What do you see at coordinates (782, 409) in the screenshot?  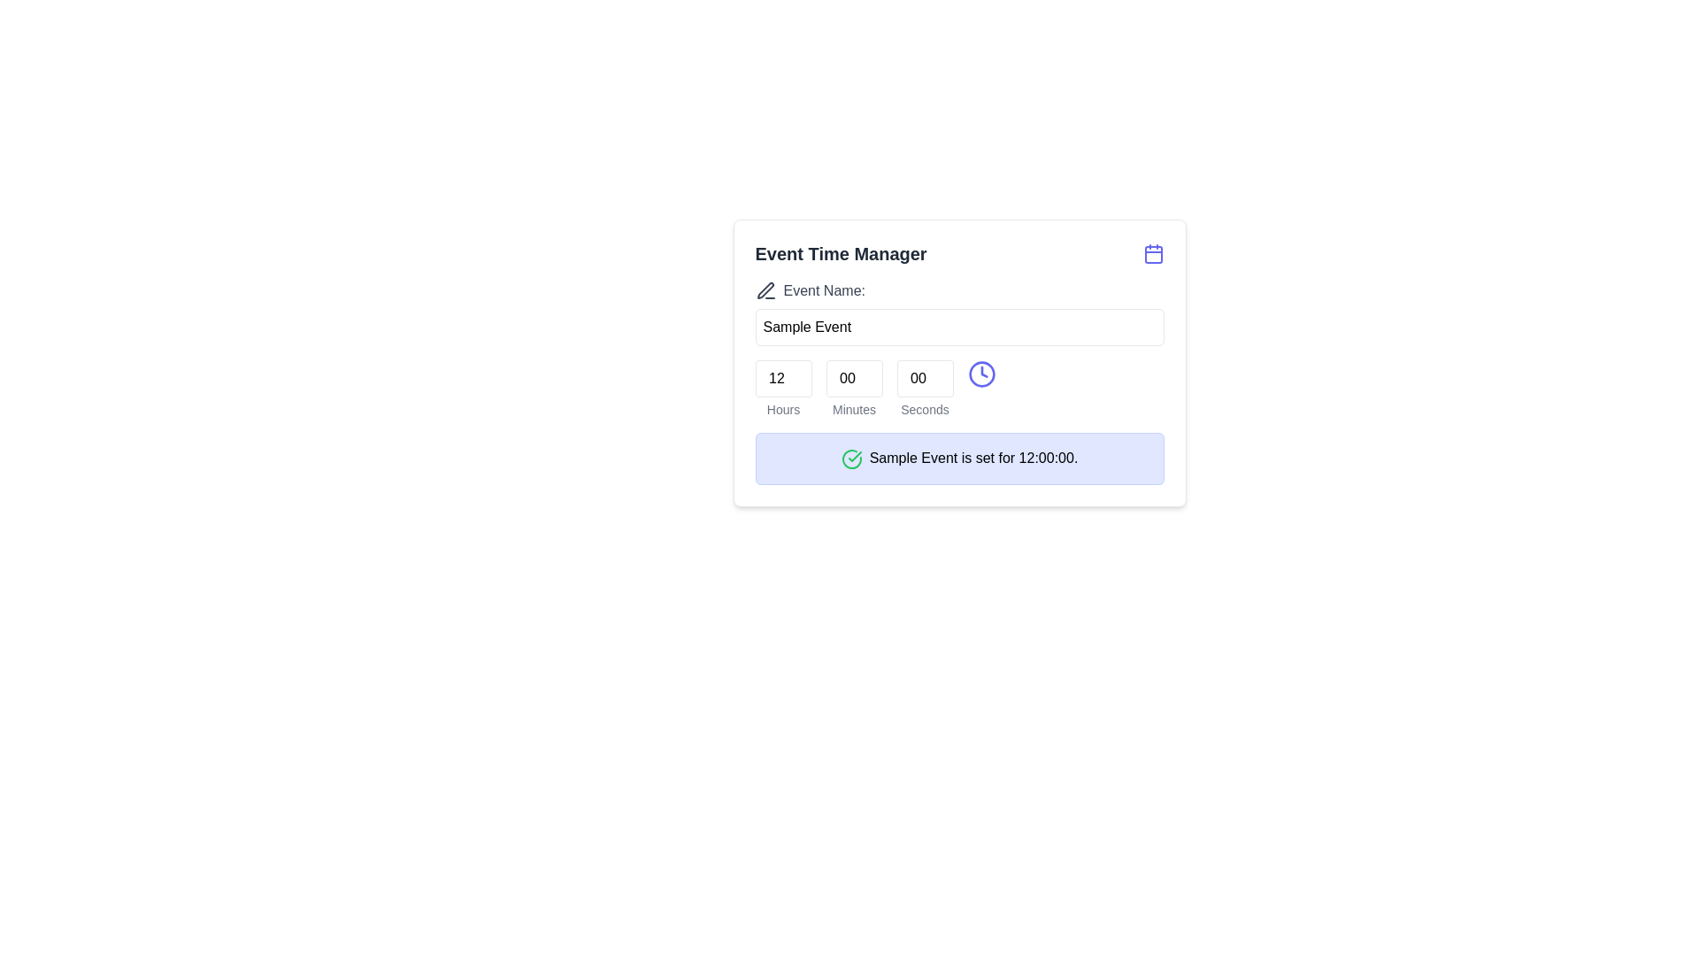 I see `label indicating the 'Hours' field located beneath the numeric input box labeled 12 in the time configuration section` at bounding box center [782, 409].